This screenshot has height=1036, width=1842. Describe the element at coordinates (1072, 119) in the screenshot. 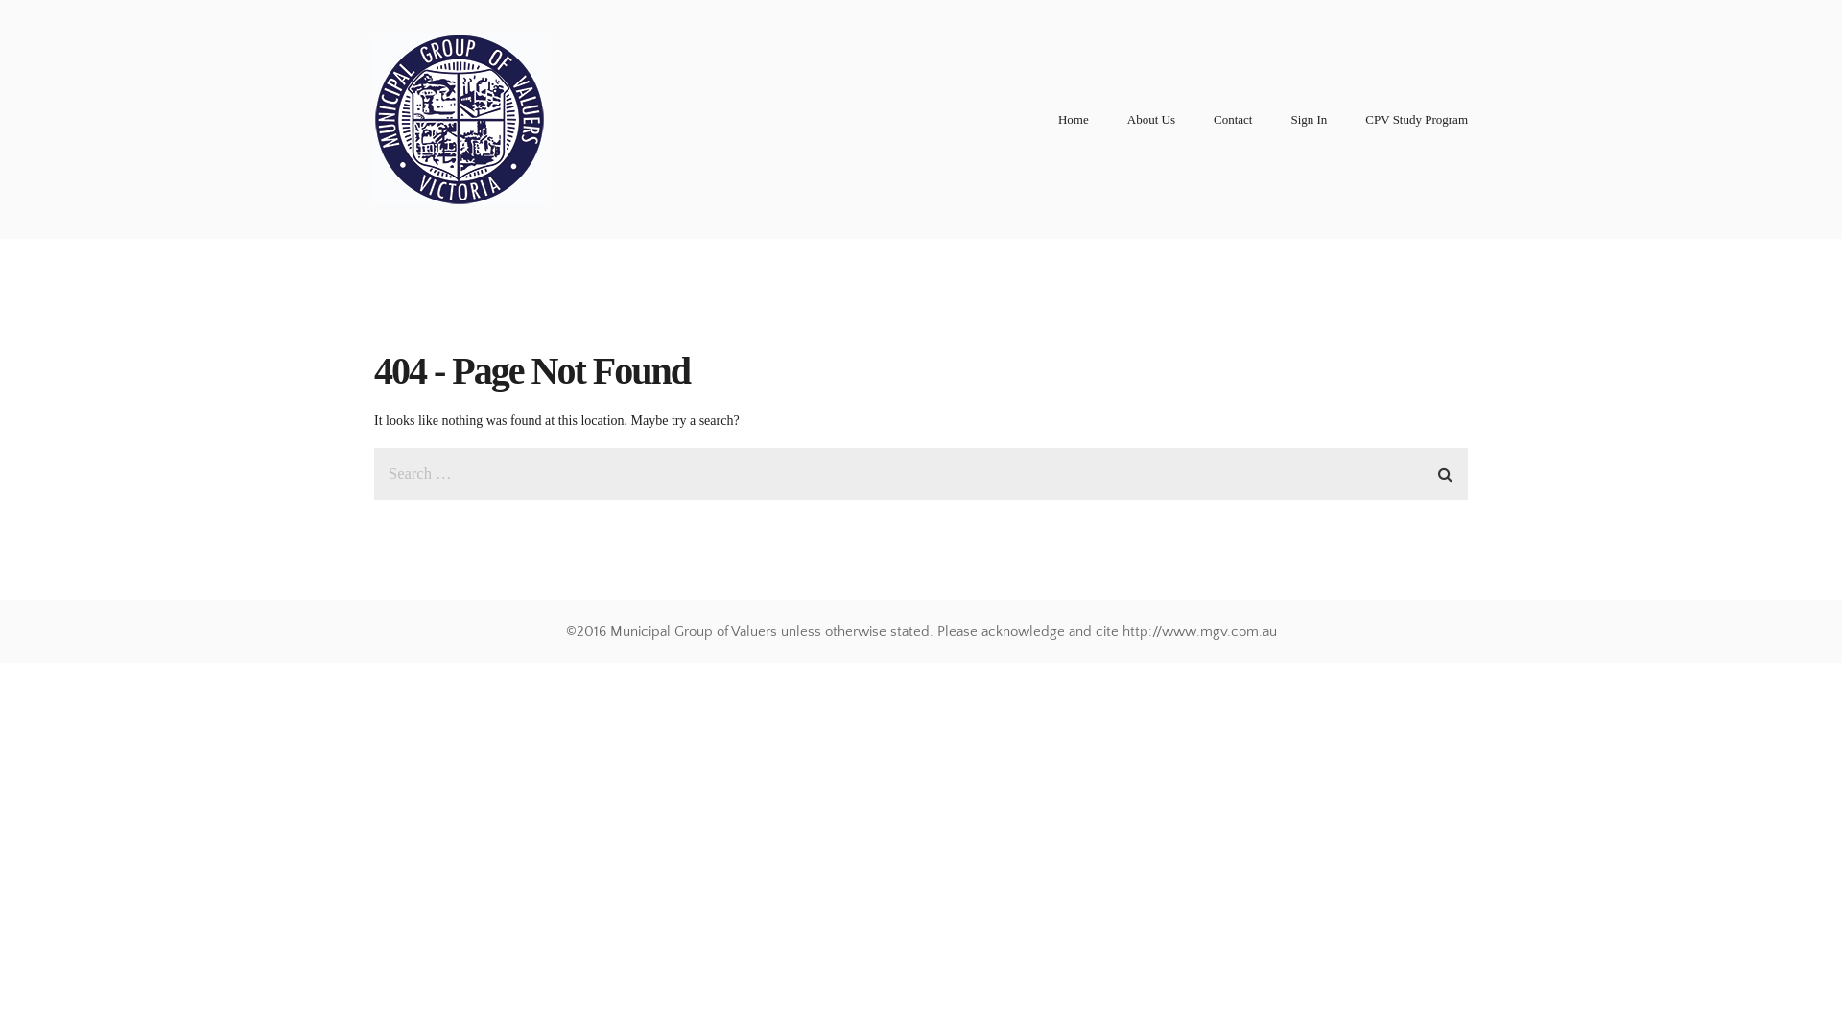

I see `'Home'` at that location.